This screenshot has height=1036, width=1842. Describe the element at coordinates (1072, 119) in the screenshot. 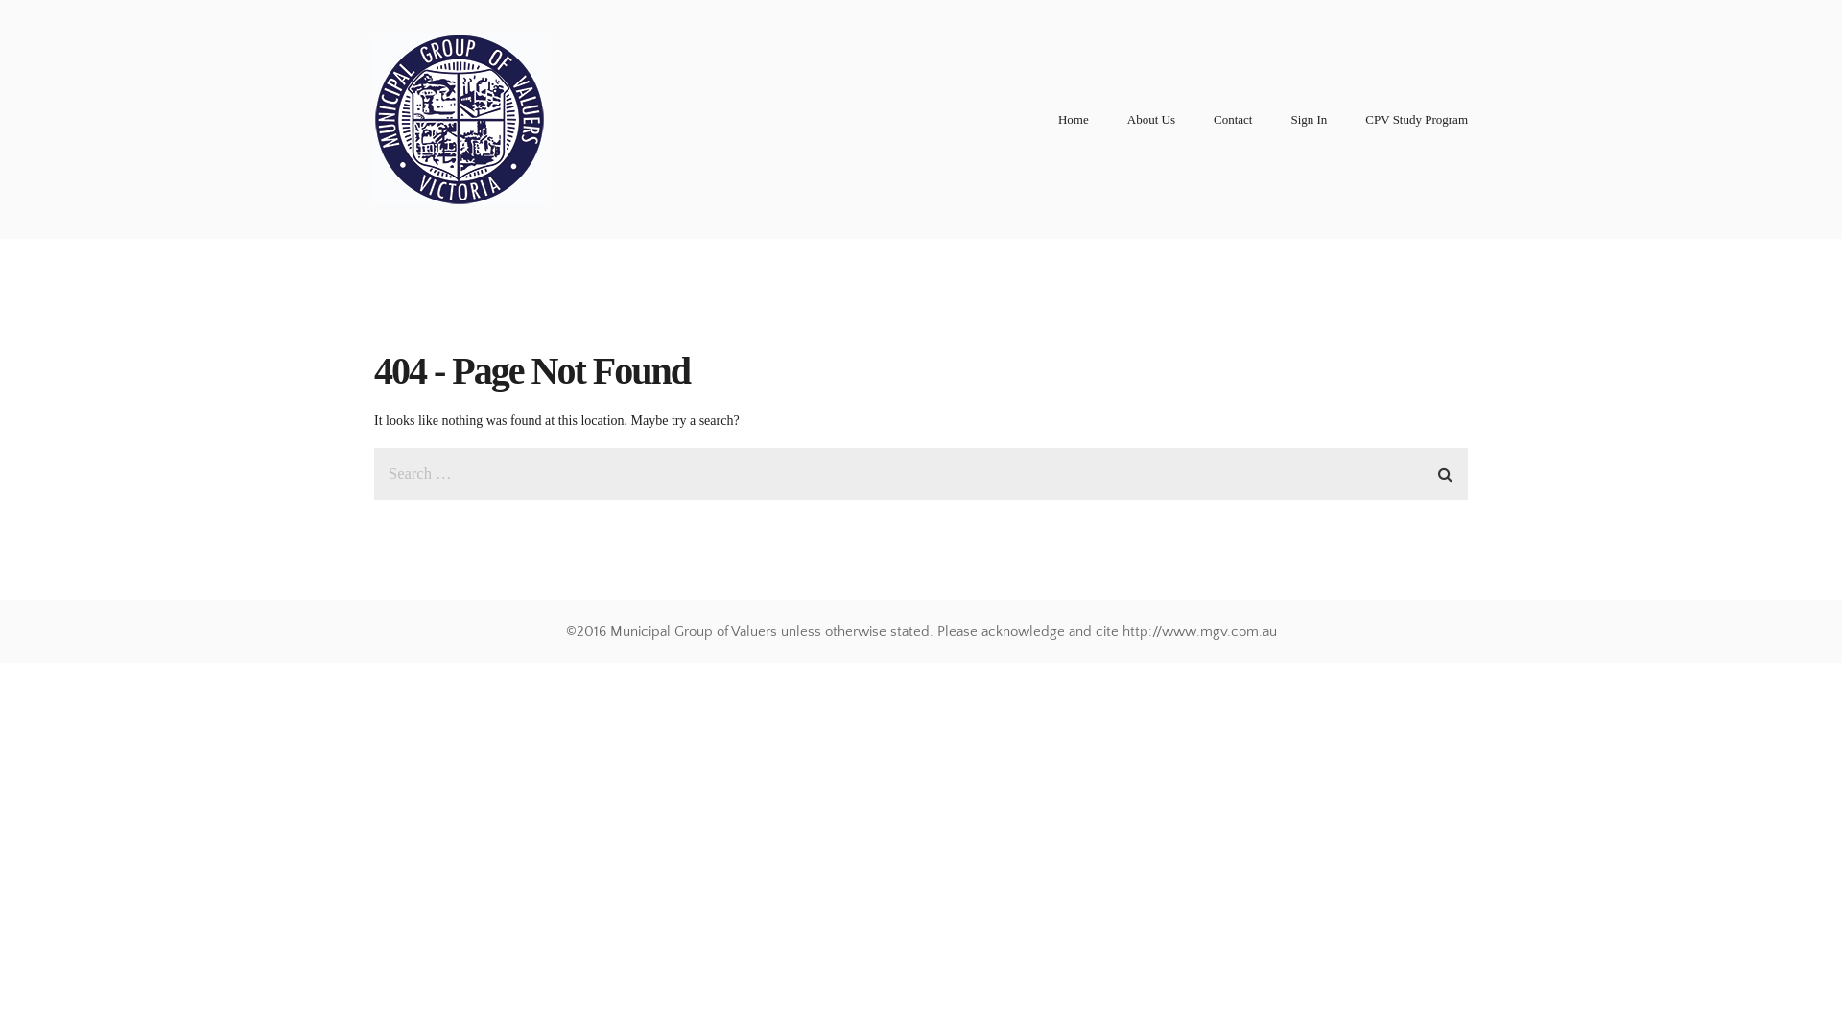

I see `'Home'` at that location.